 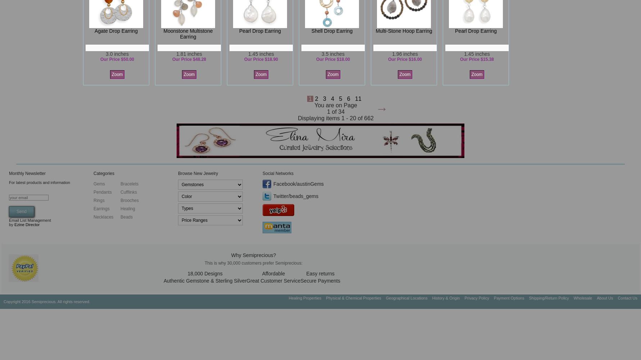 I want to click on 'Earrings', so click(x=101, y=208).